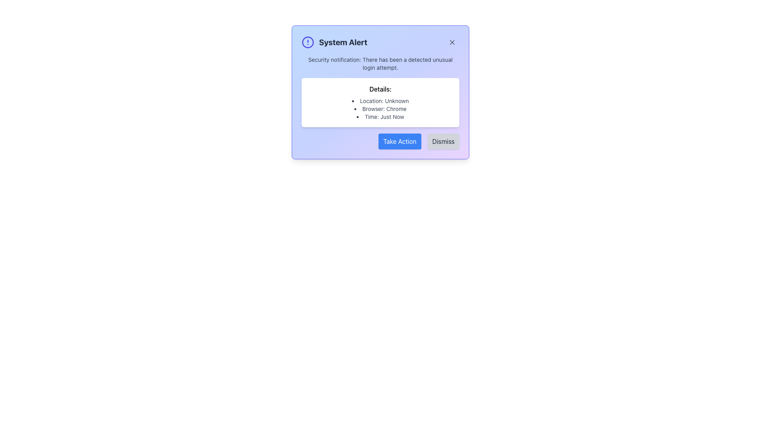 This screenshot has width=761, height=428. I want to click on timestamp information displayed in the third bullet point of the 'Details' section within the modal window, located between 'Browser: Chrome' and the action buttons, so click(380, 117).